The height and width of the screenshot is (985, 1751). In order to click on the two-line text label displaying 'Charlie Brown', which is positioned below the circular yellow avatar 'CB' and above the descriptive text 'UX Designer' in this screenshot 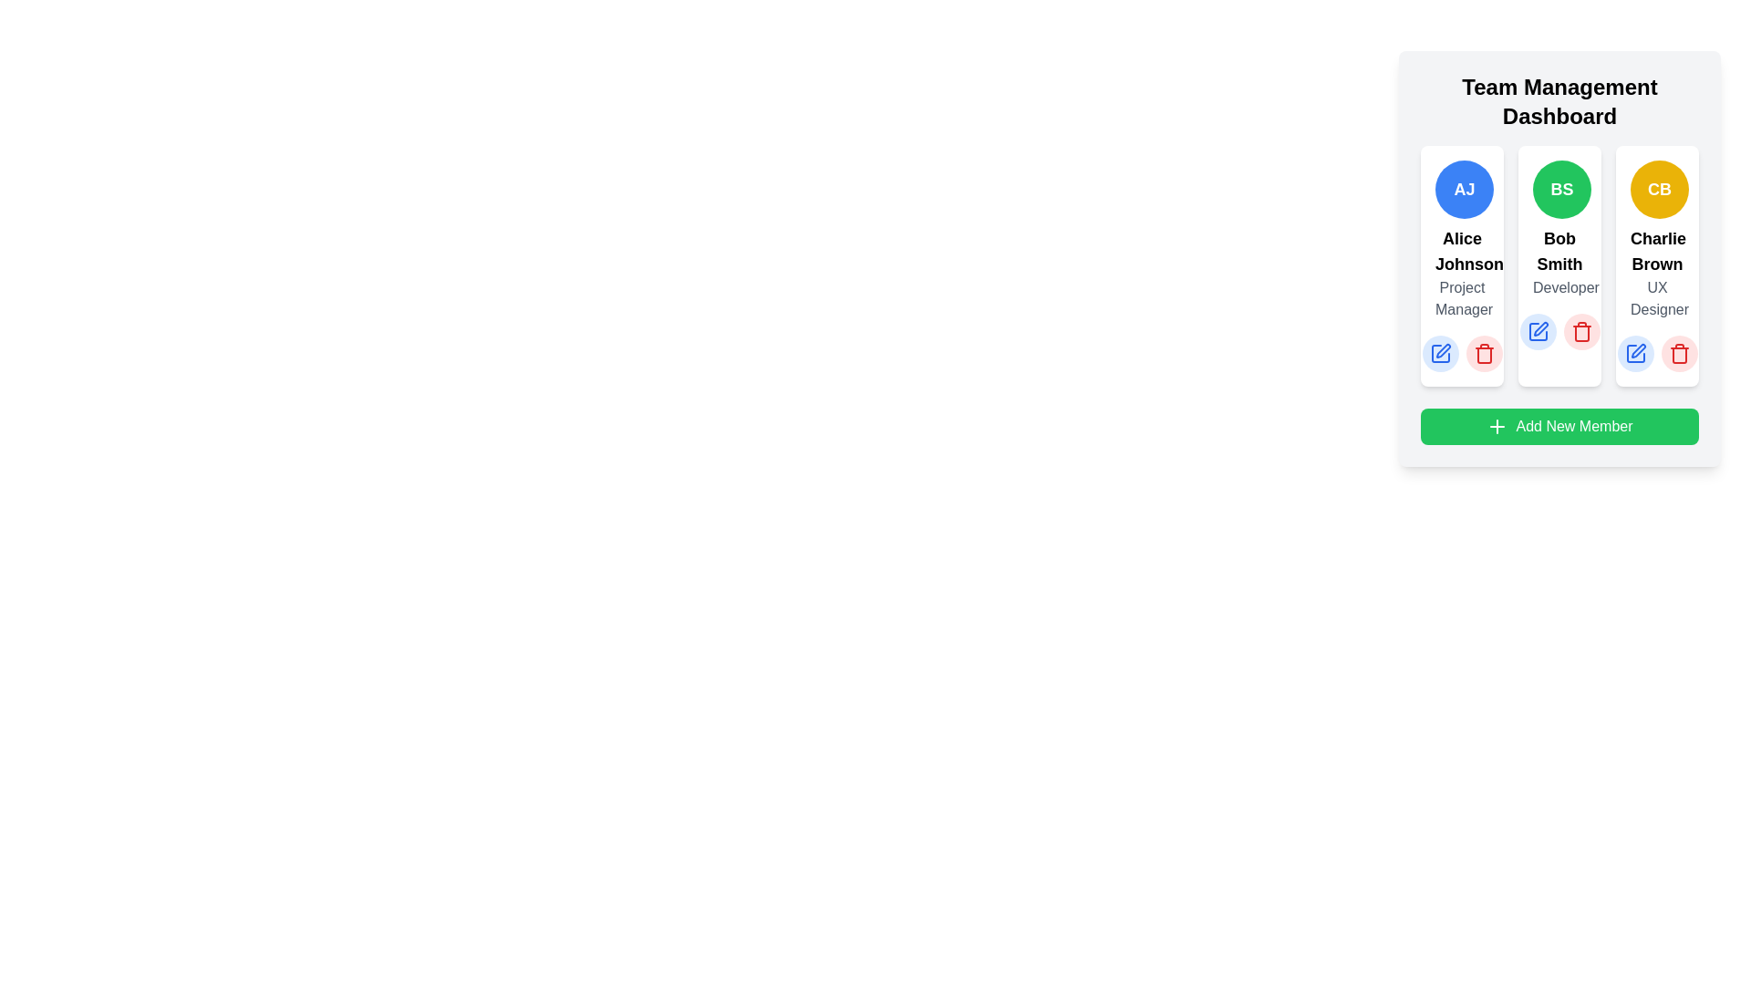, I will do `click(1657, 252)`.